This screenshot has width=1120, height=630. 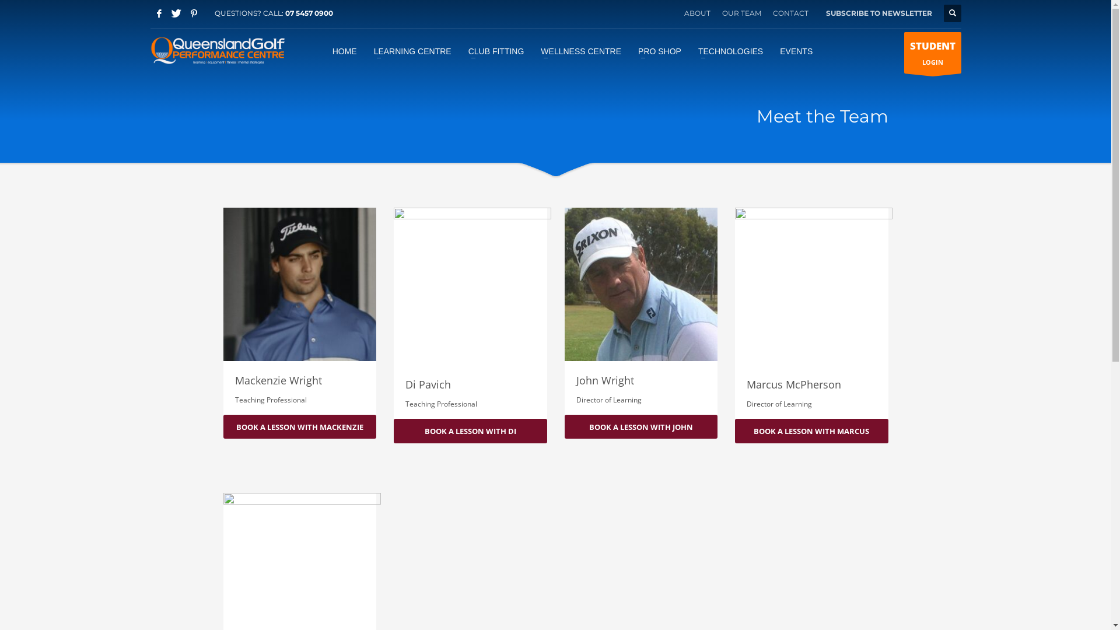 I want to click on 'ABOUT', so click(x=696, y=13).